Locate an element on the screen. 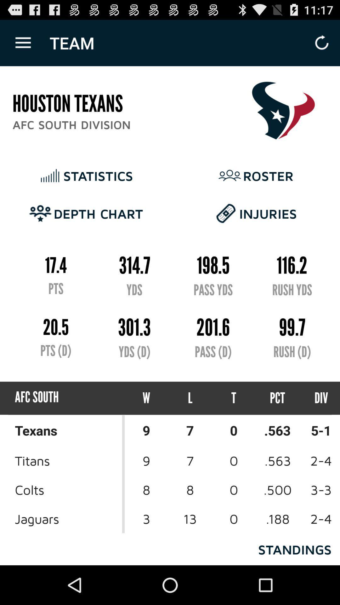 The height and width of the screenshot is (605, 340). the item above .563 icon is located at coordinates (315, 398).